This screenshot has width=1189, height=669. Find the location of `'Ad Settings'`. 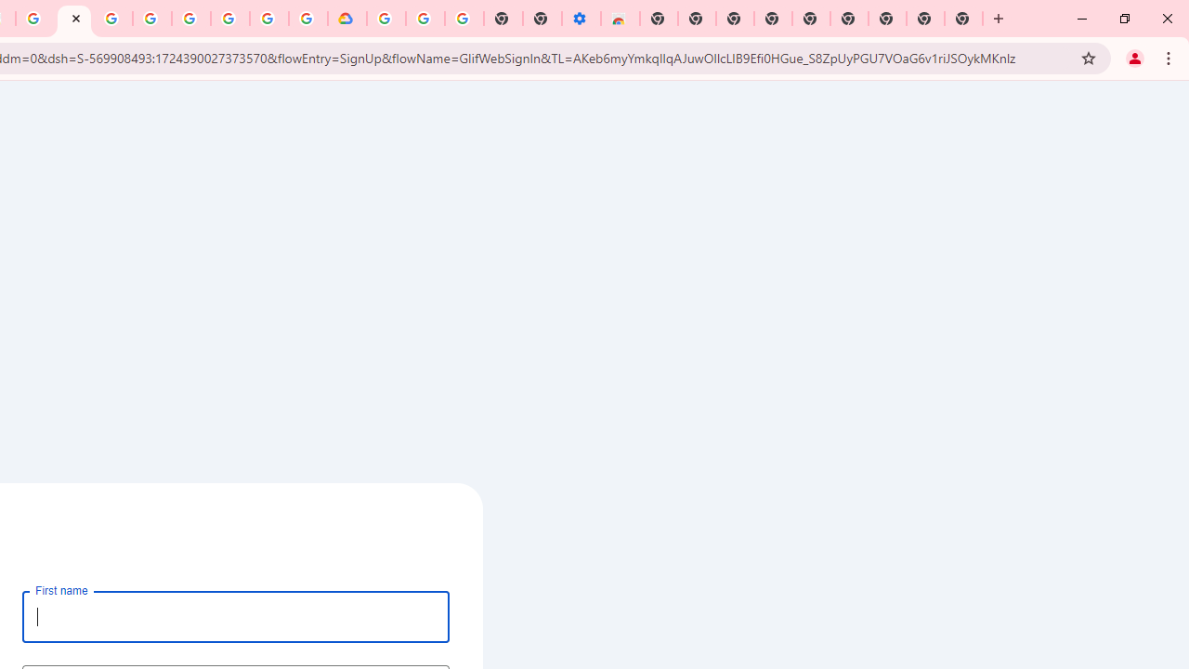

'Ad Settings' is located at coordinates (112, 19).